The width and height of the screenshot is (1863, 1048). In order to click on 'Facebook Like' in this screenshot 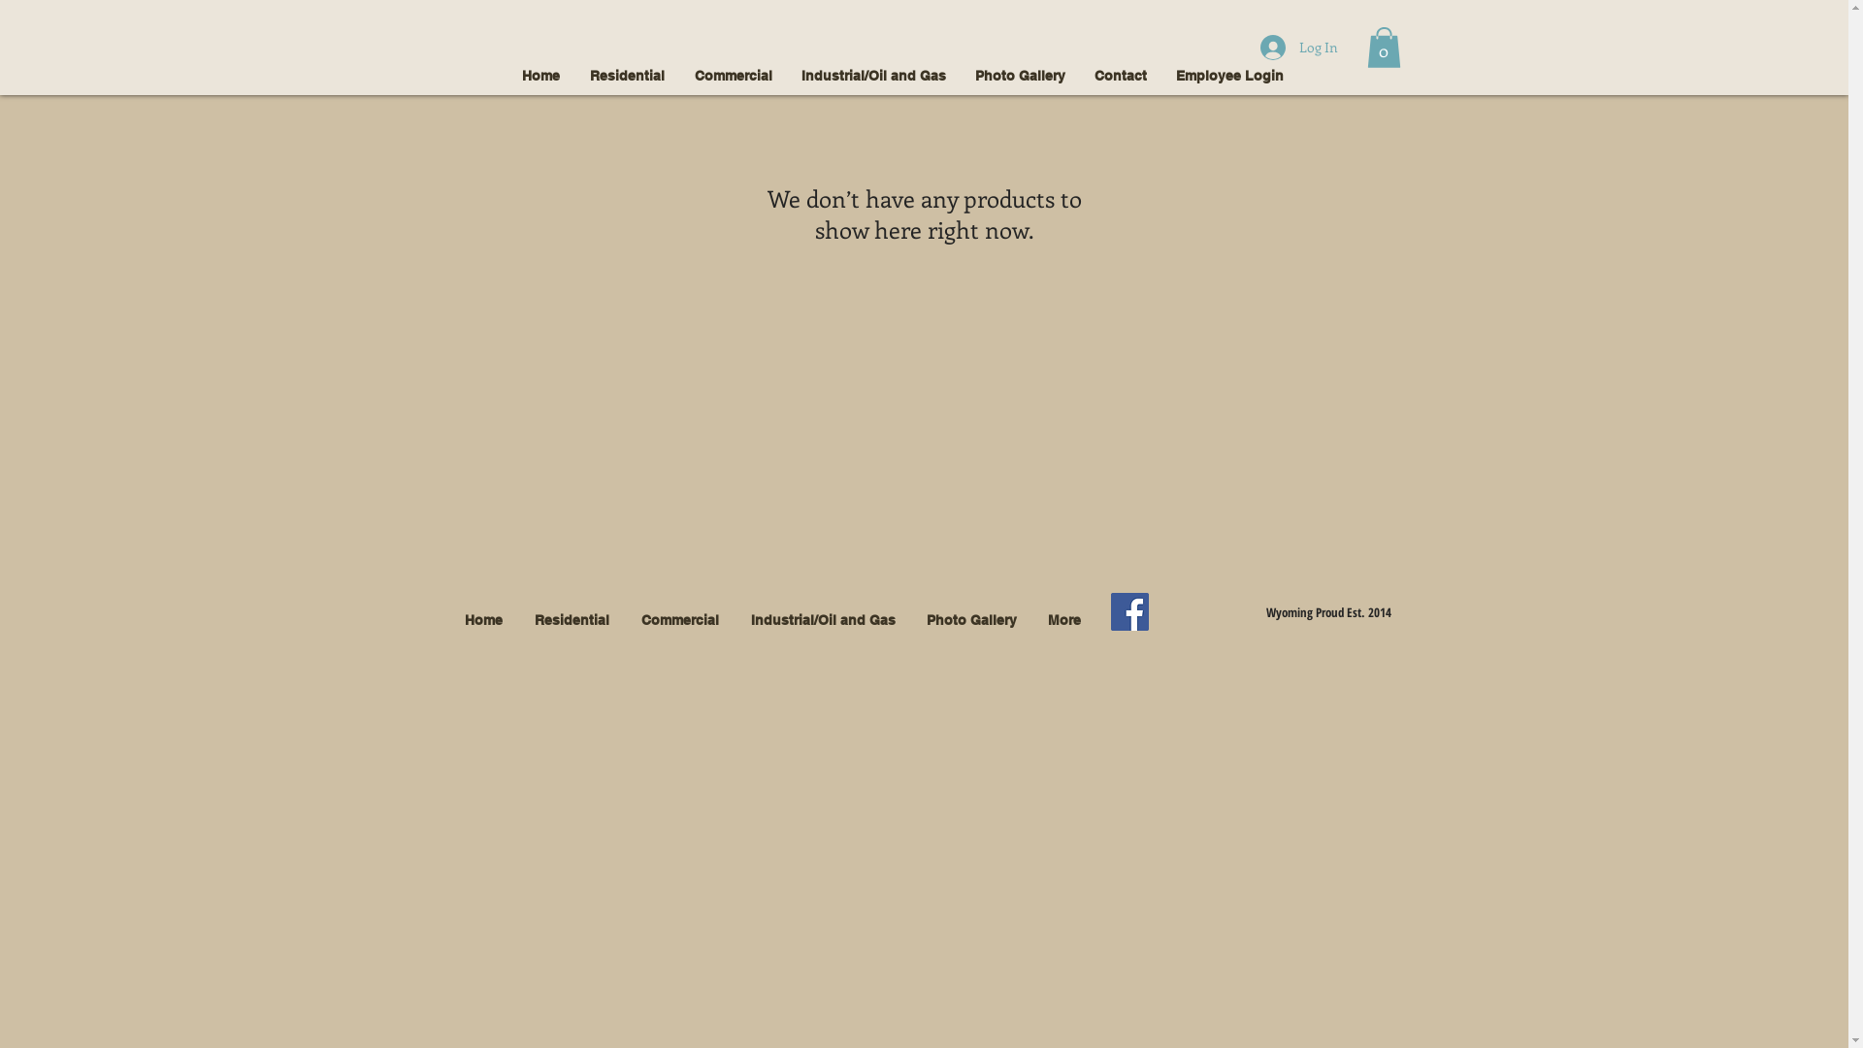, I will do `click(1200, 613)`.